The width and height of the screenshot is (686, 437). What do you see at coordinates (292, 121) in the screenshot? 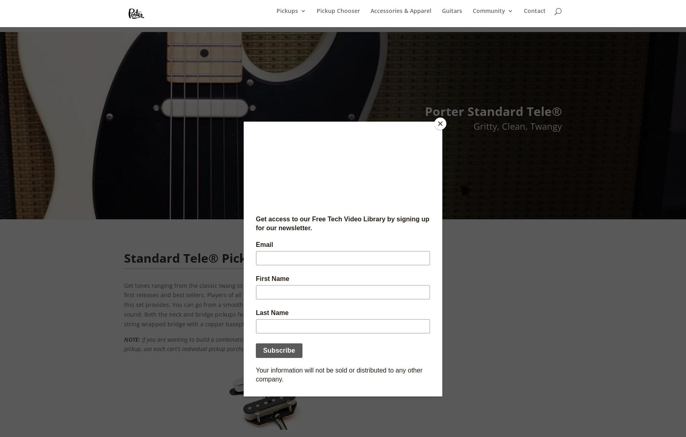
I see `'P-90 Pickups'` at bounding box center [292, 121].